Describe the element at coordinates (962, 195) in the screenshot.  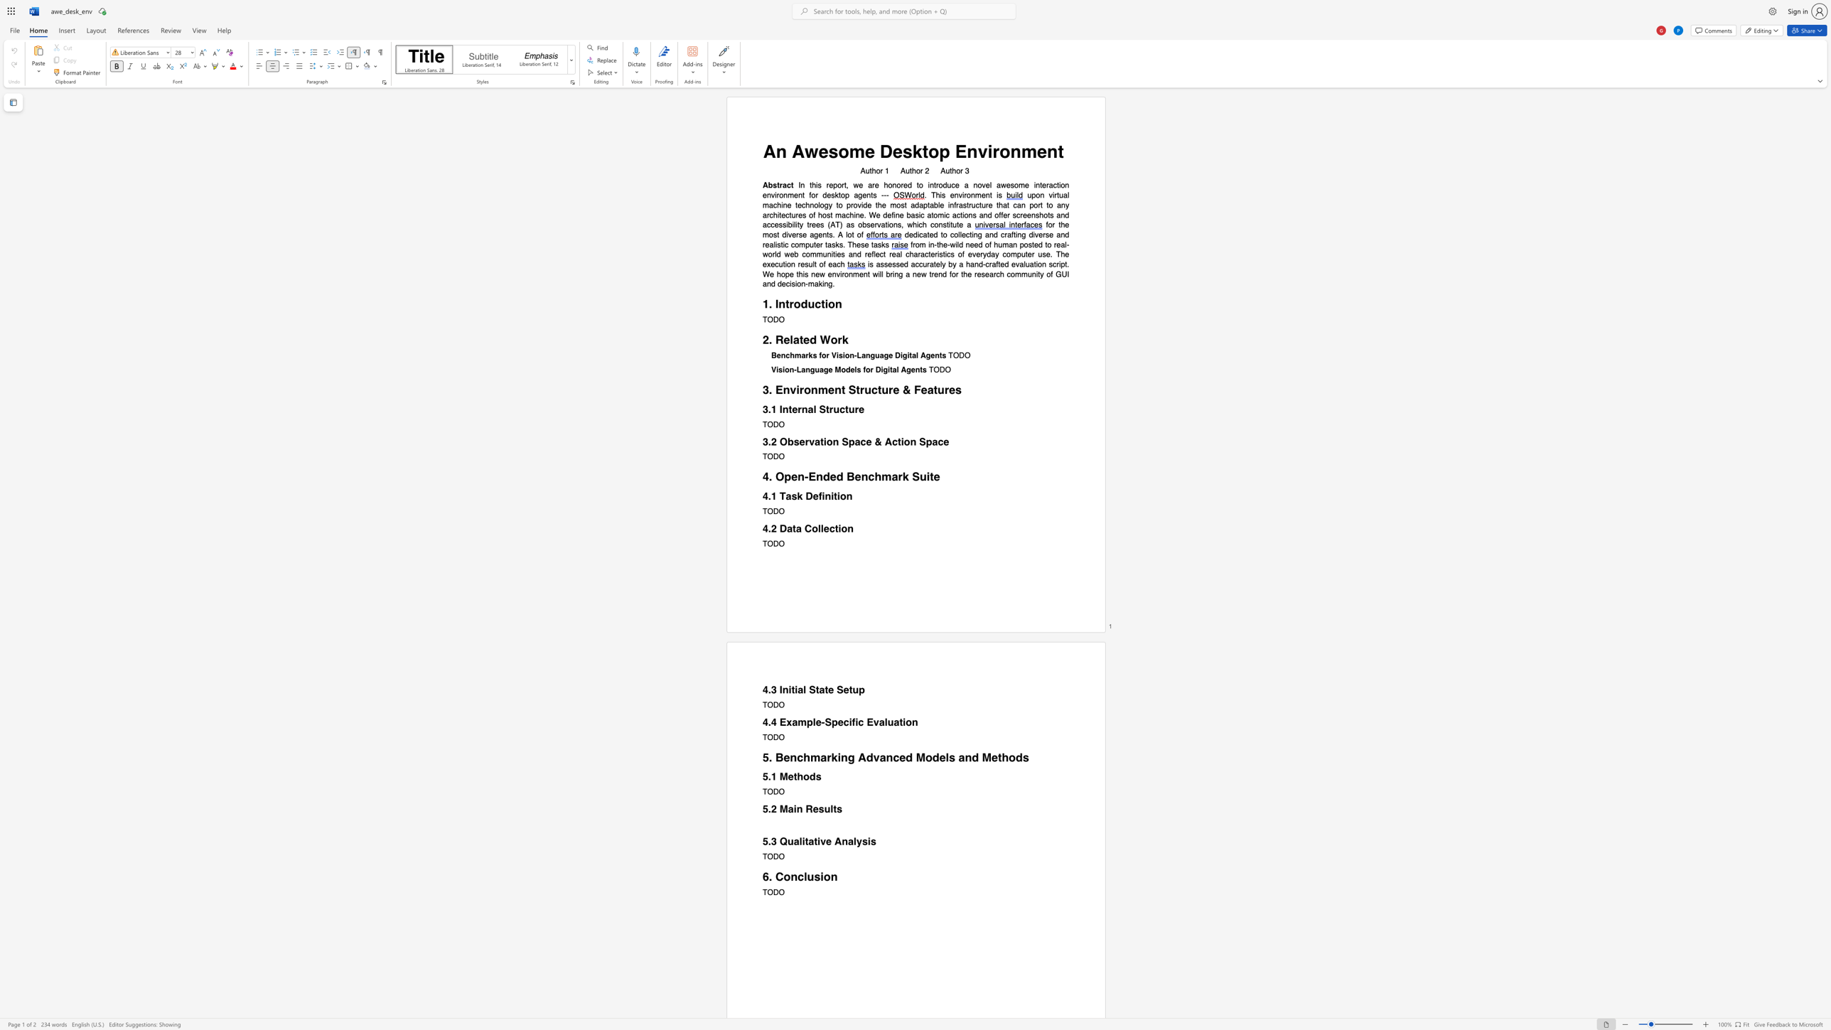
I see `the subset text "ironmen" within the text ". This environment is"` at that location.